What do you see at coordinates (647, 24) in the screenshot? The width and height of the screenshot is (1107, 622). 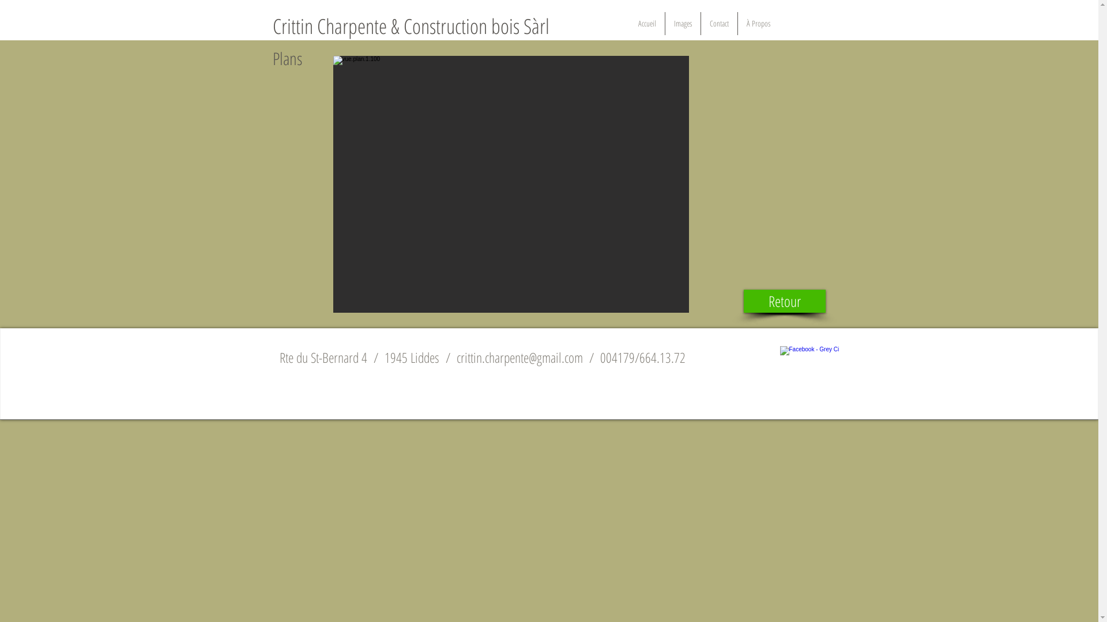 I see `'Accueil'` at bounding box center [647, 24].